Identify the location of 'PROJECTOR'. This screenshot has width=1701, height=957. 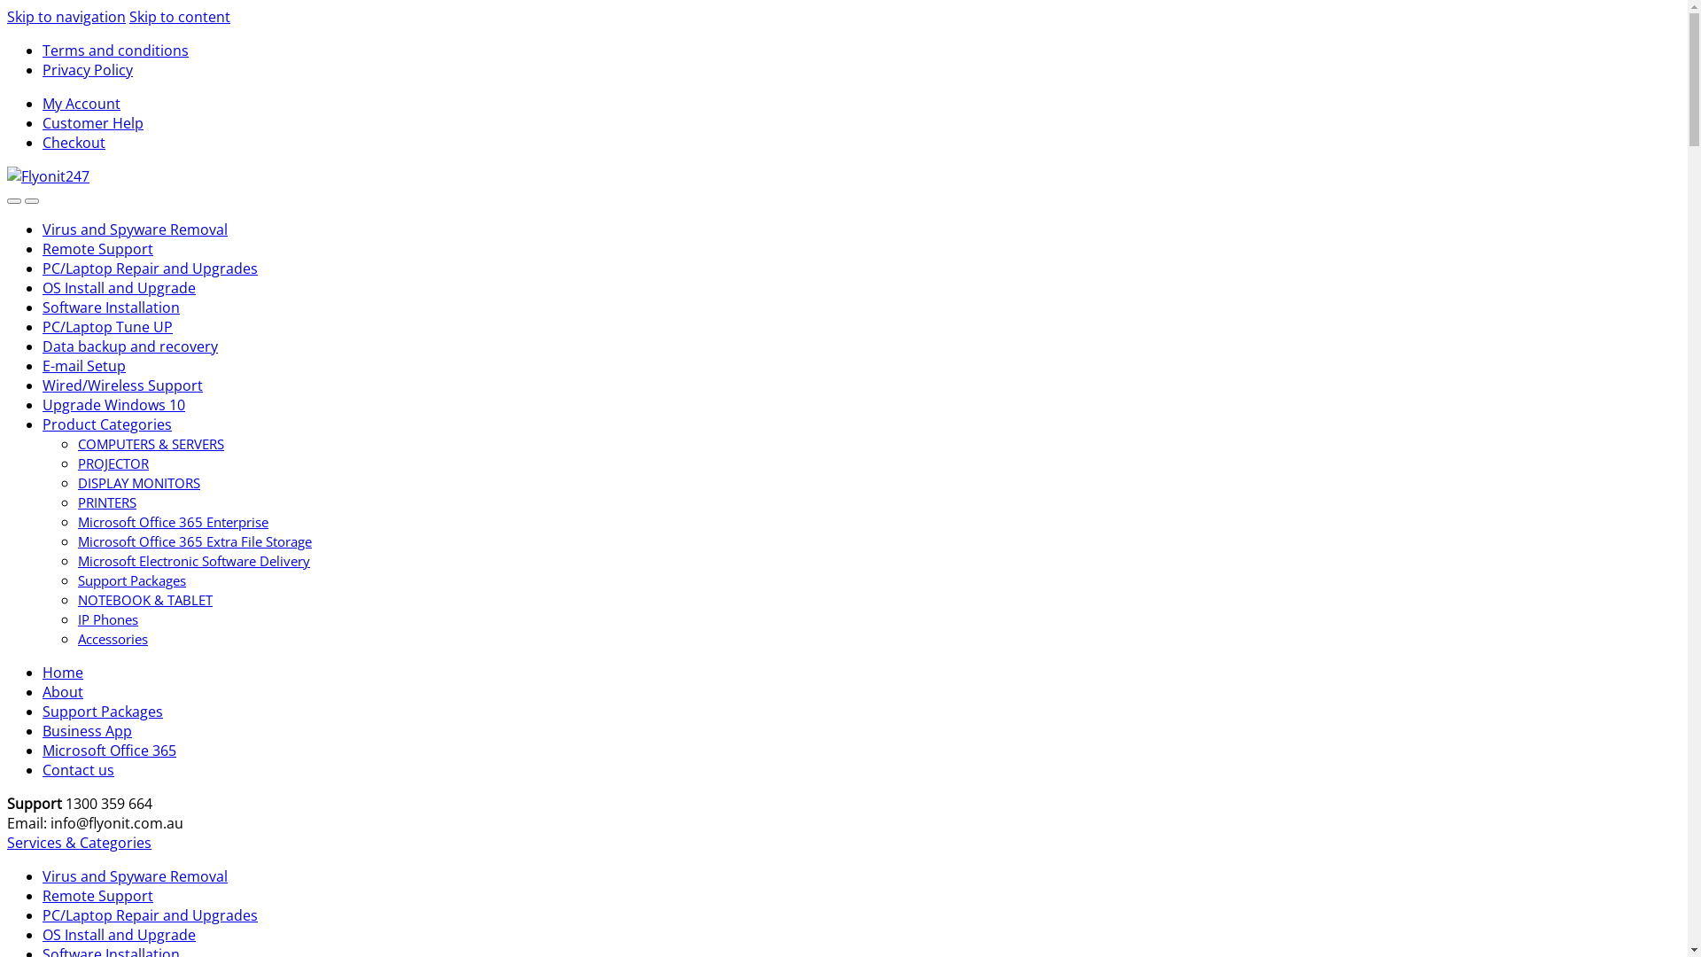
(113, 463).